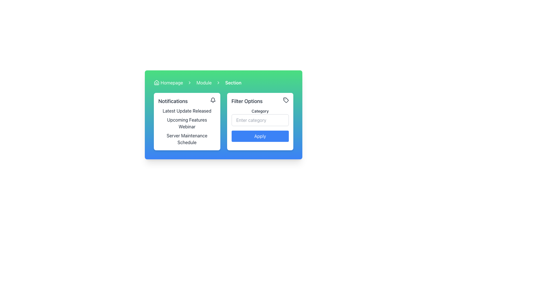  What do you see at coordinates (223, 82) in the screenshot?
I see `the Breadcrumb Navigation component located at the top-center of the content area` at bounding box center [223, 82].